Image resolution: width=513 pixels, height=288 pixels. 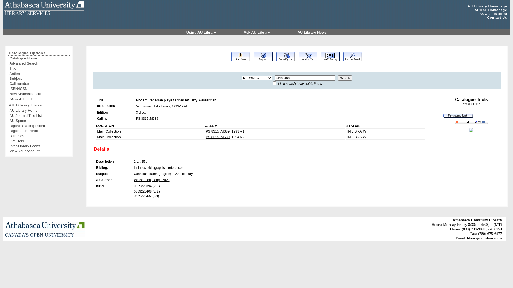 I want to click on 'Author', so click(x=39, y=73).